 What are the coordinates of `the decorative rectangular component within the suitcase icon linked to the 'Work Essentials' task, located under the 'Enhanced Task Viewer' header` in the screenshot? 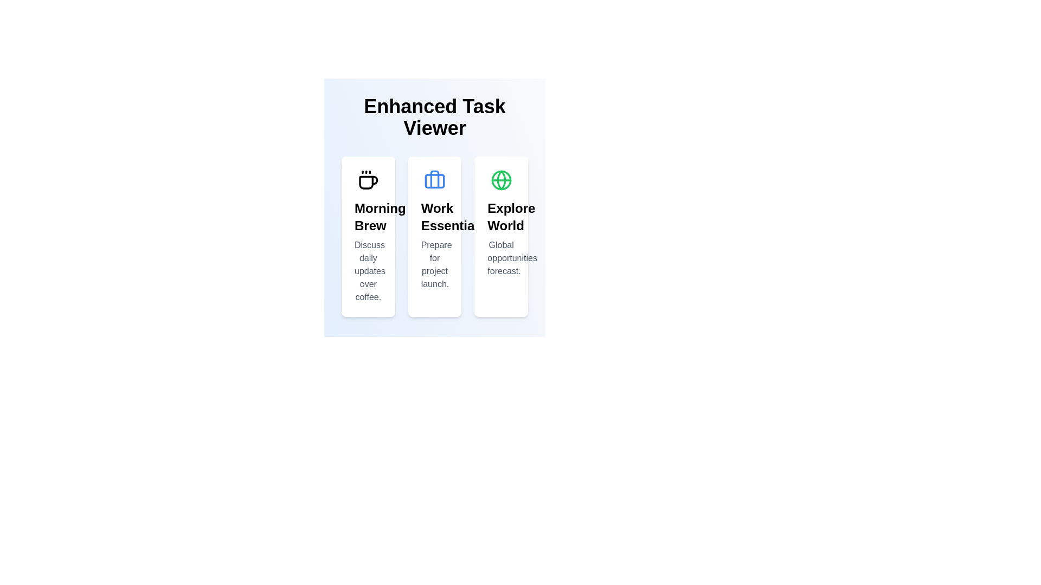 It's located at (434, 180).